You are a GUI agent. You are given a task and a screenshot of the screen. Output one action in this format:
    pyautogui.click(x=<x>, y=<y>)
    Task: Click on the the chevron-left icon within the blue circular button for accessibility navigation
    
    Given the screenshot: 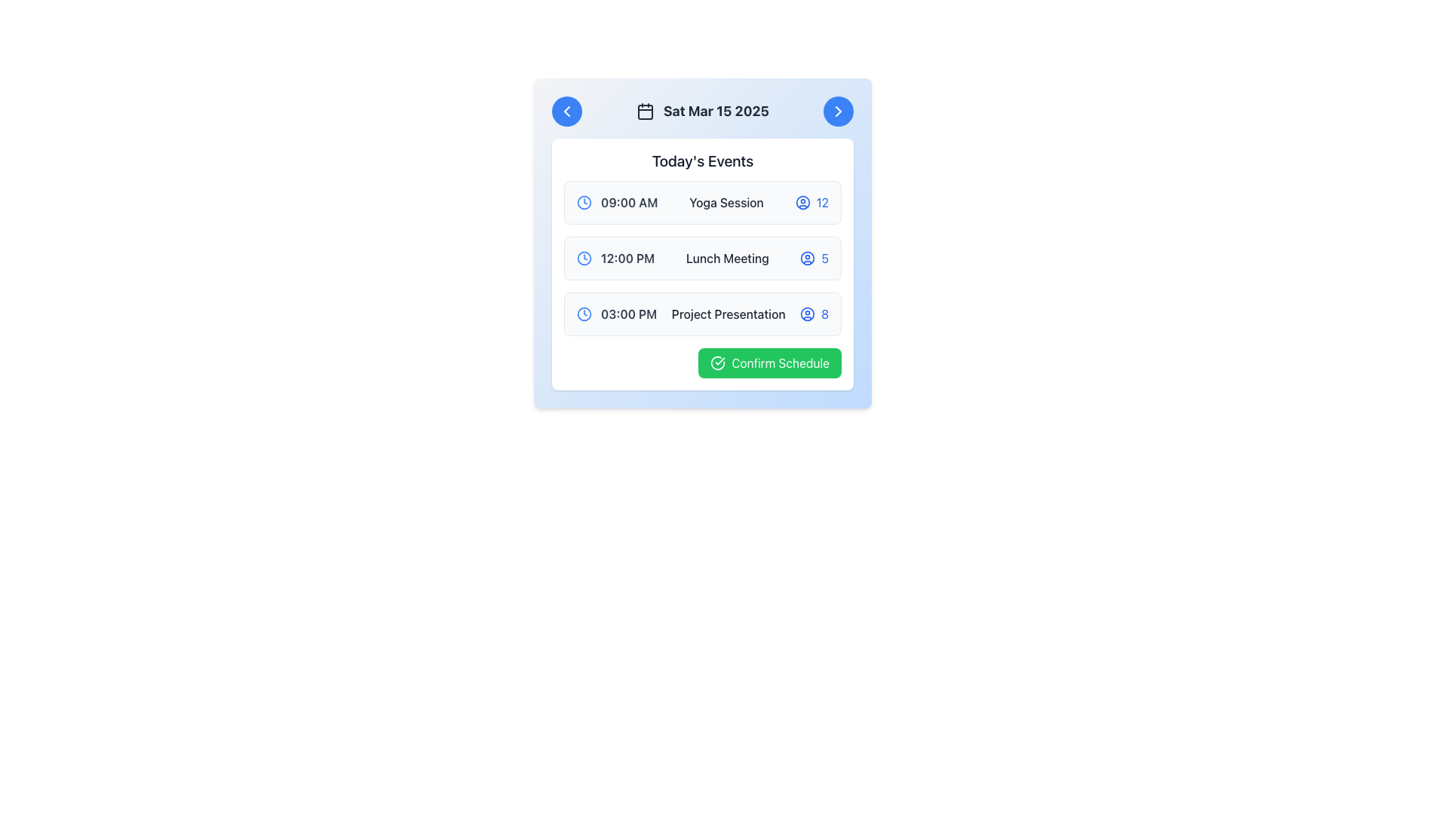 What is the action you would take?
    pyautogui.click(x=566, y=110)
    